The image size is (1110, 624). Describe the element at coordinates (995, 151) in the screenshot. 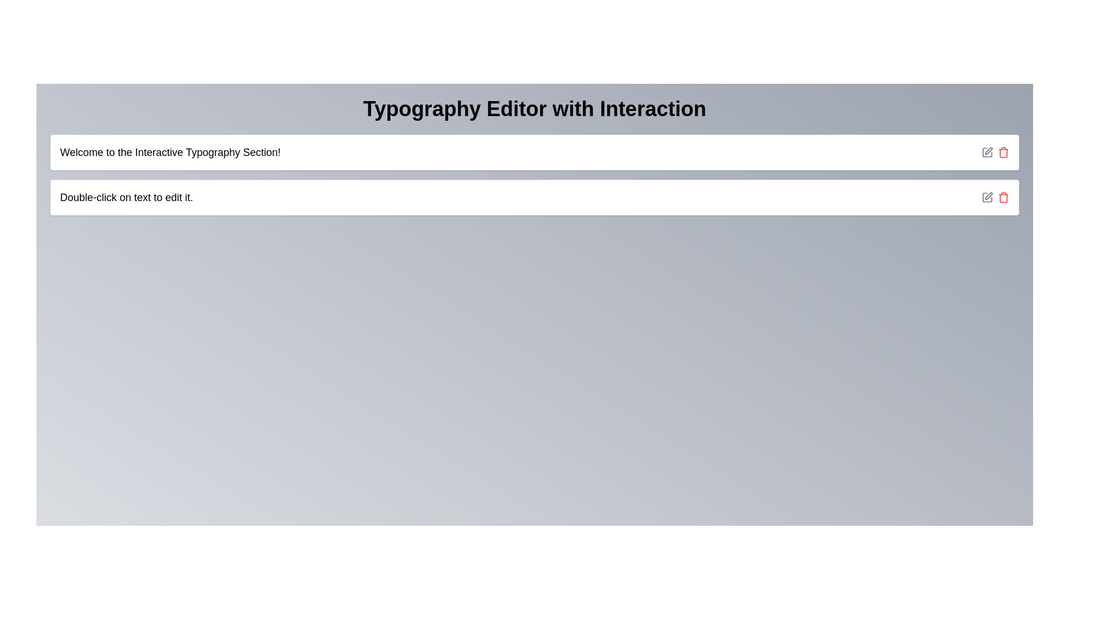

I see `the pencil icon within the icon group located at the top right corner of the content area with the text 'Welcome to the Interactive Typography Section!'` at that location.